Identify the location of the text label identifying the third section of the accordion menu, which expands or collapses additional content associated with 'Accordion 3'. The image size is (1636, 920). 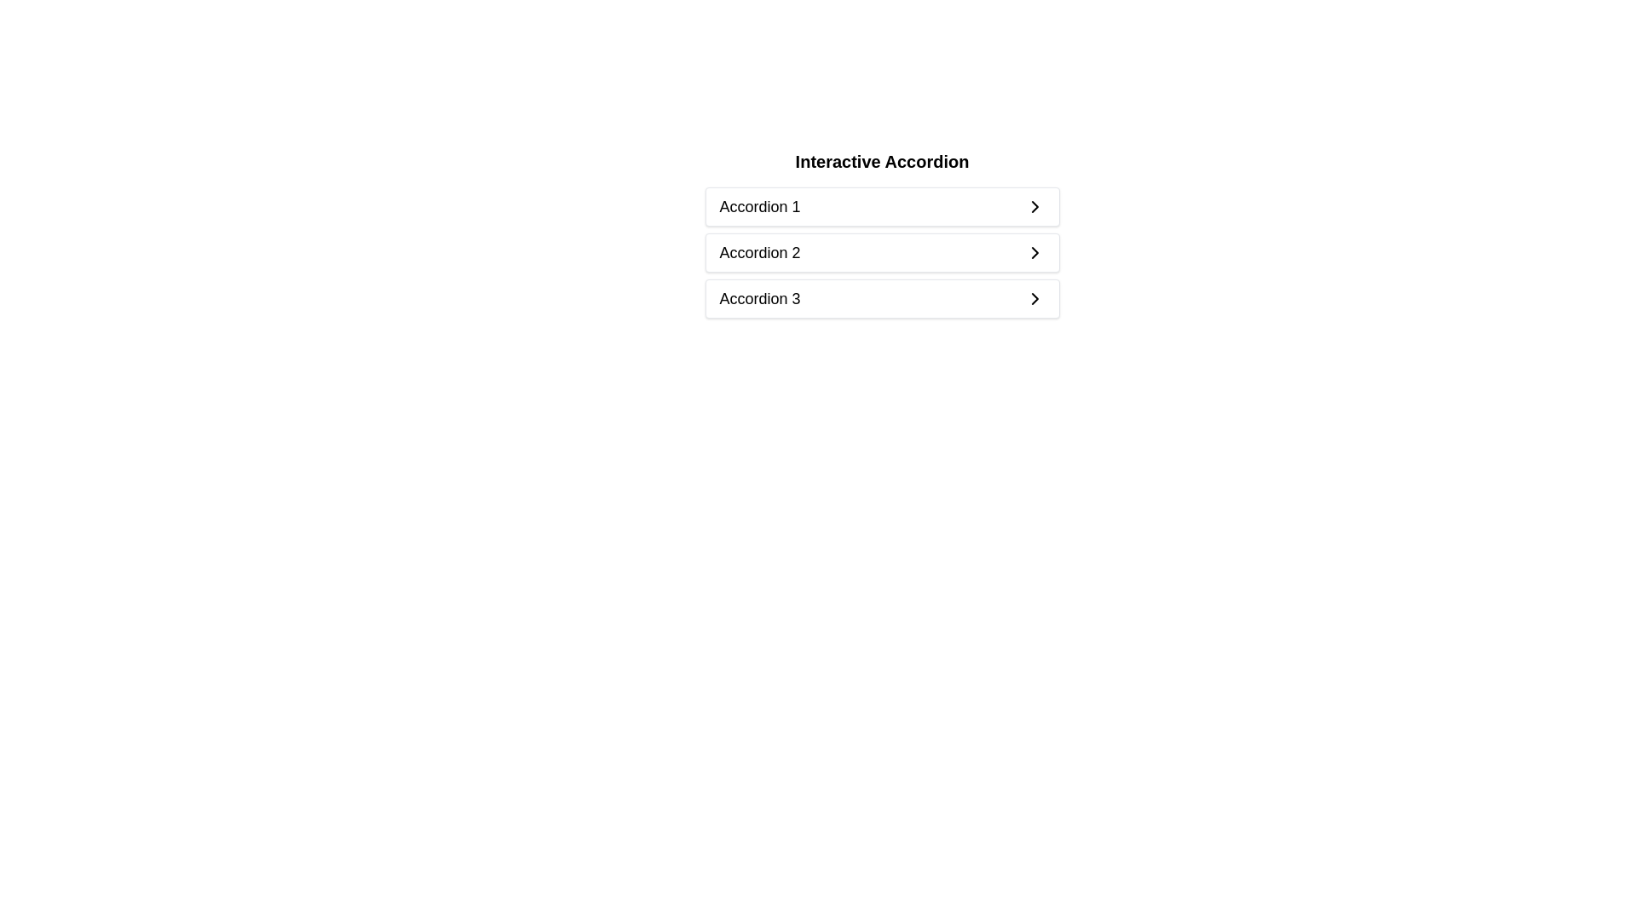
(759, 298).